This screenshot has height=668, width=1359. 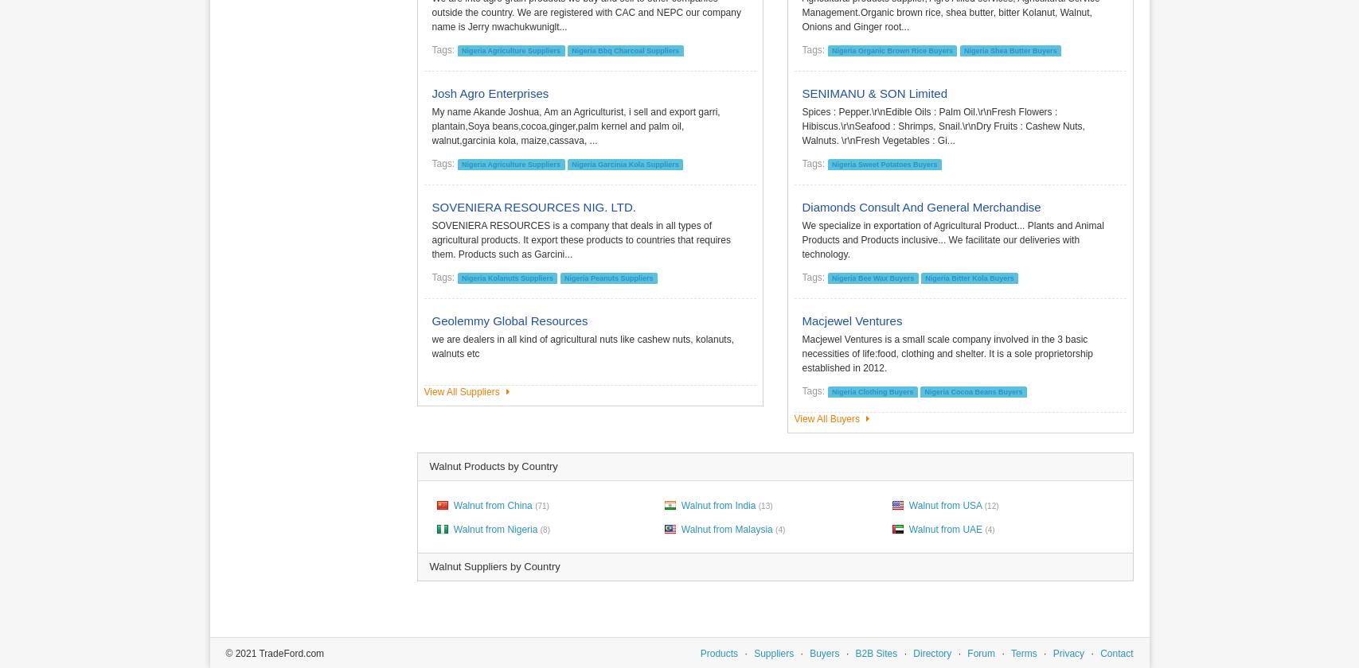 What do you see at coordinates (1052, 653) in the screenshot?
I see `'Privacy'` at bounding box center [1052, 653].